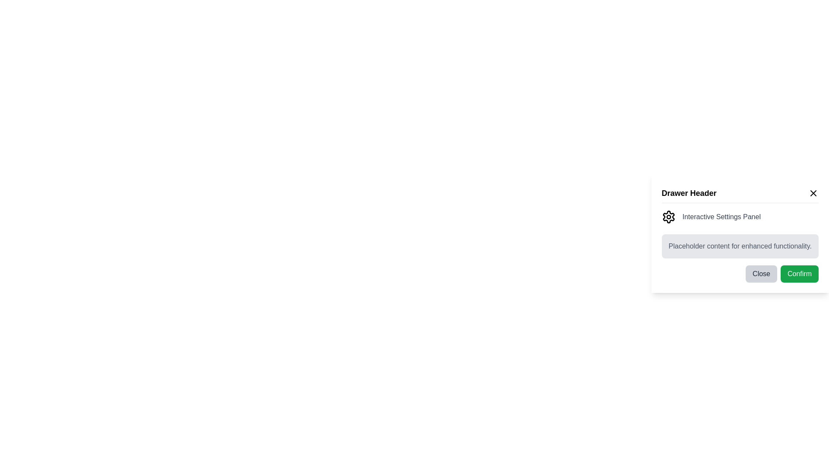 The height and width of the screenshot is (466, 829). What do you see at coordinates (668, 216) in the screenshot?
I see `the gear-shaped icon located at the top-left corner of the 'Interactive Settings Panel'` at bounding box center [668, 216].